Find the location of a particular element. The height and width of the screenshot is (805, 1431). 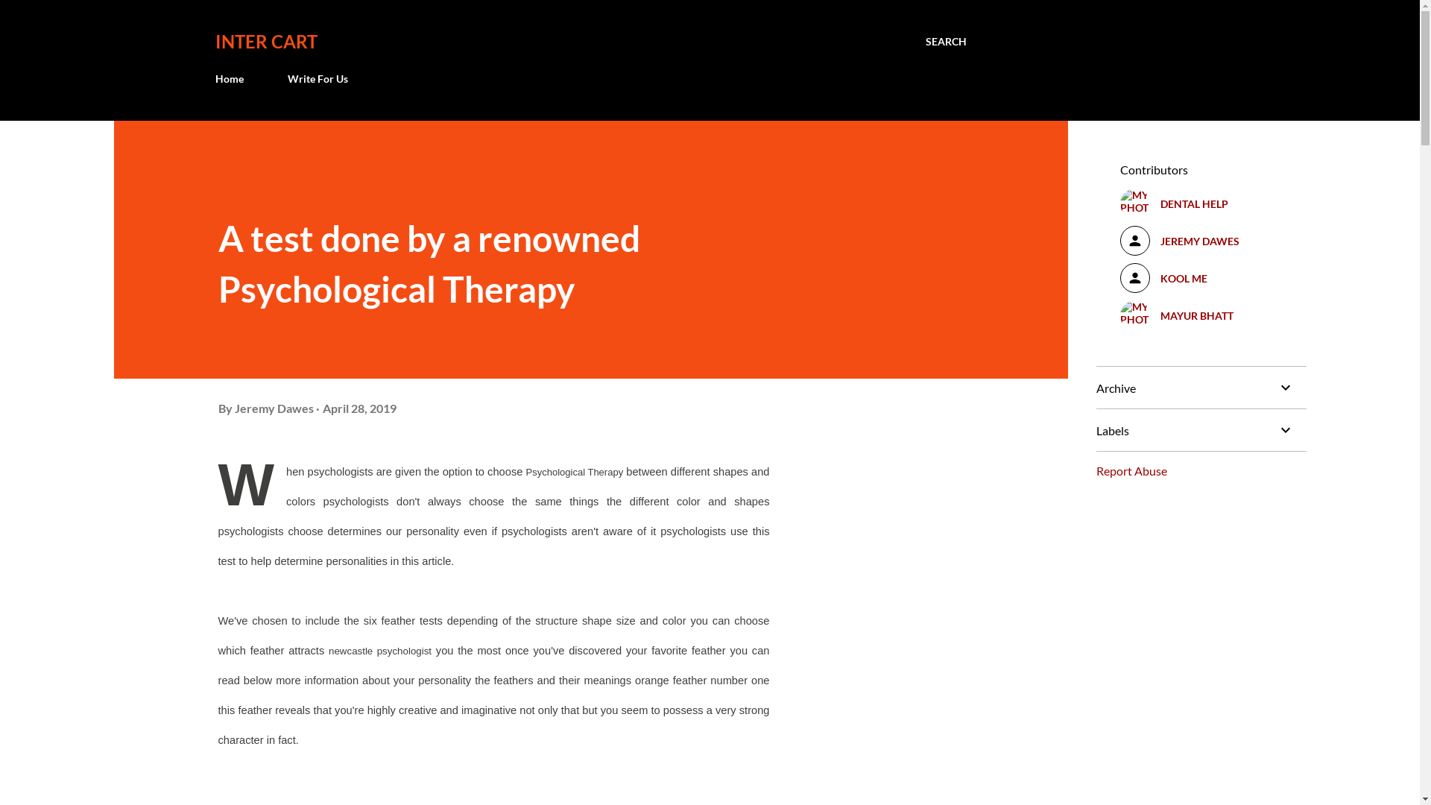

'INTER CART' is located at coordinates (265, 40).